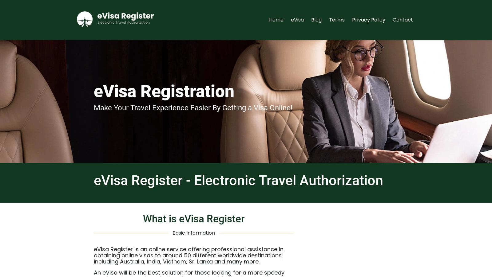 This screenshot has height=277, width=492. What do you see at coordinates (360, 98) in the screenshot?
I see `'USA ESTA'` at bounding box center [360, 98].